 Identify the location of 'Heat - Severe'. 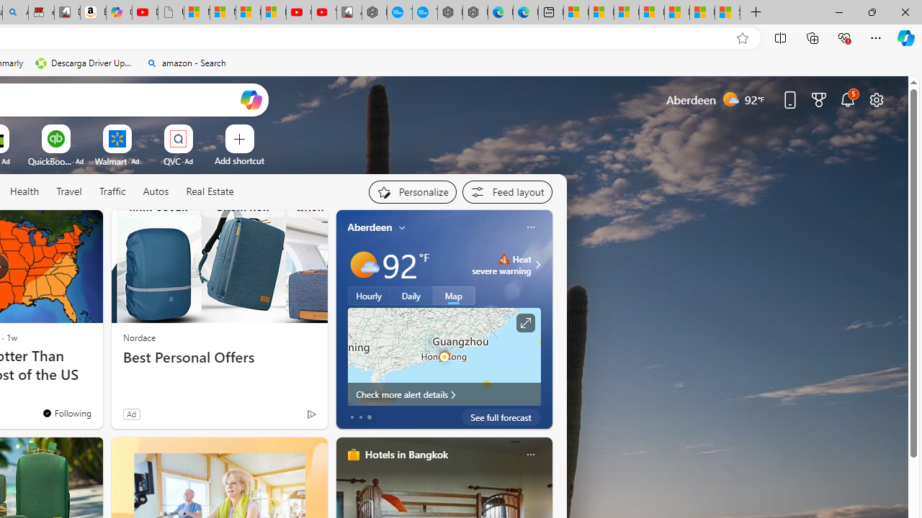
(503, 259).